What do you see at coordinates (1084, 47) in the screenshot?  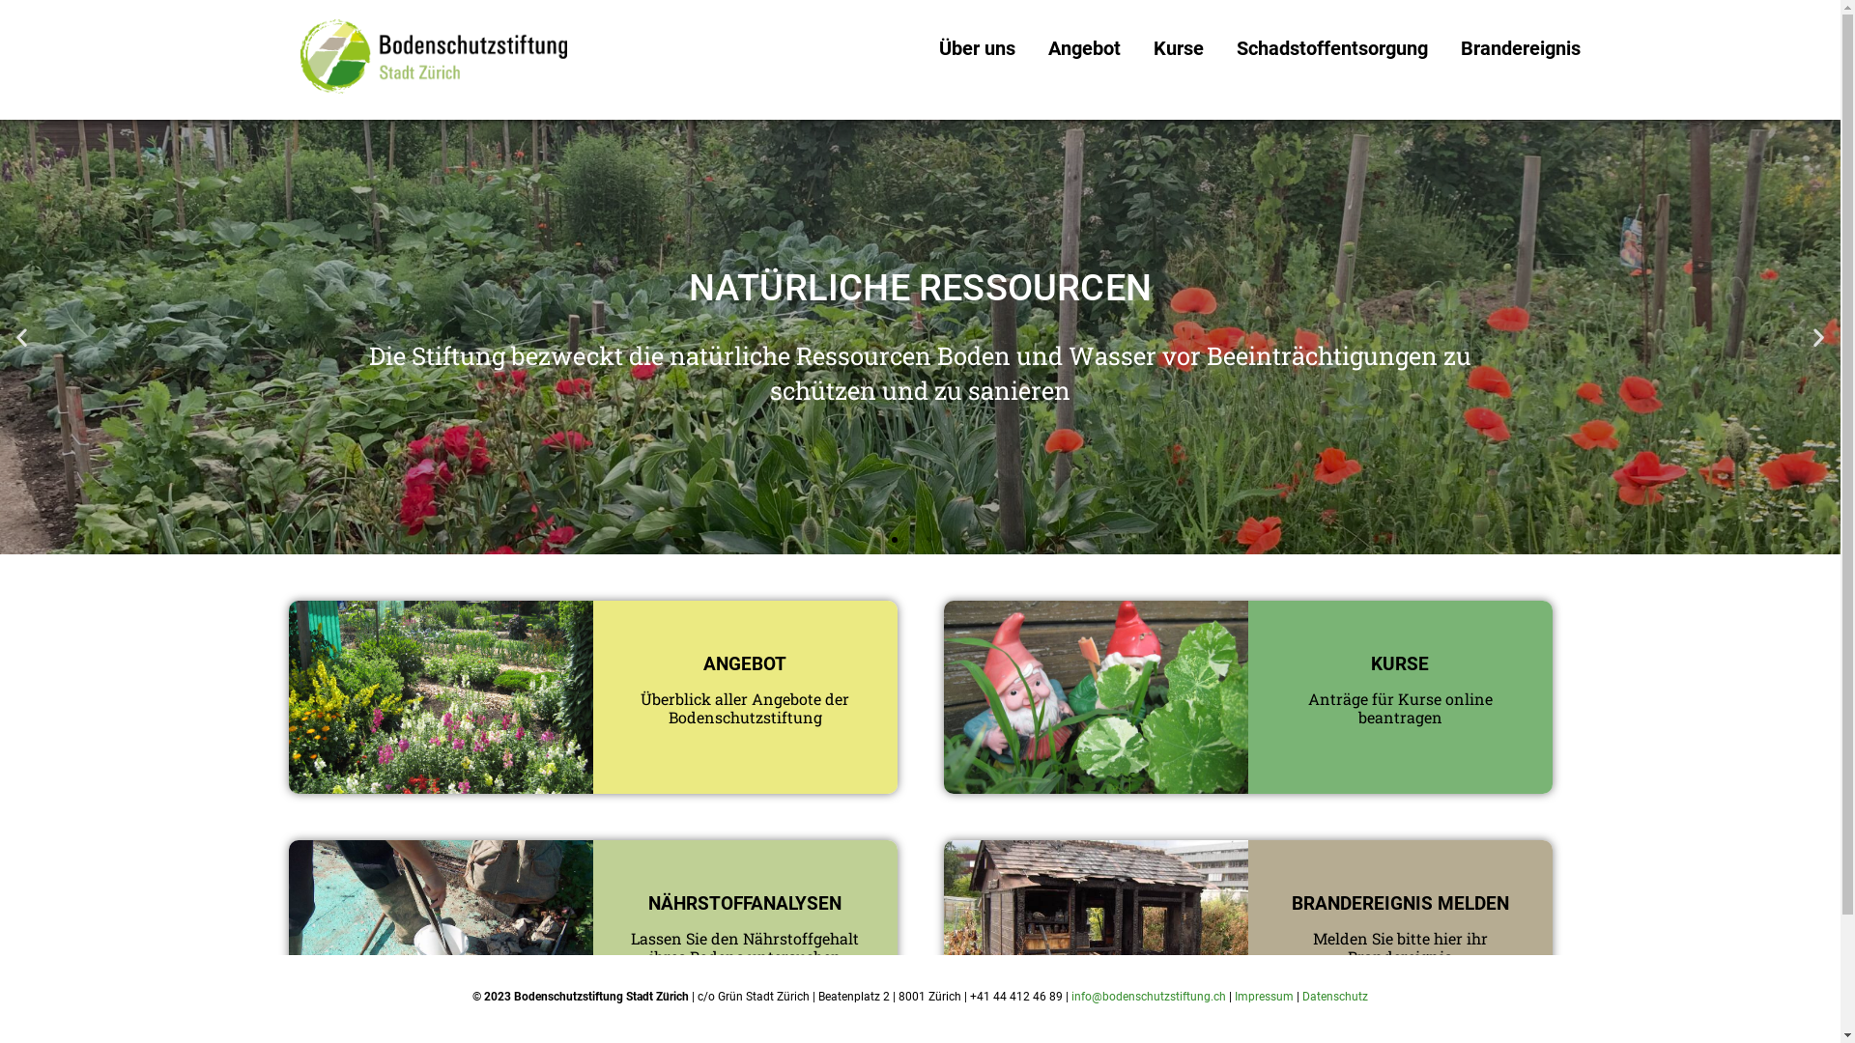 I see `'Angebot'` at bounding box center [1084, 47].